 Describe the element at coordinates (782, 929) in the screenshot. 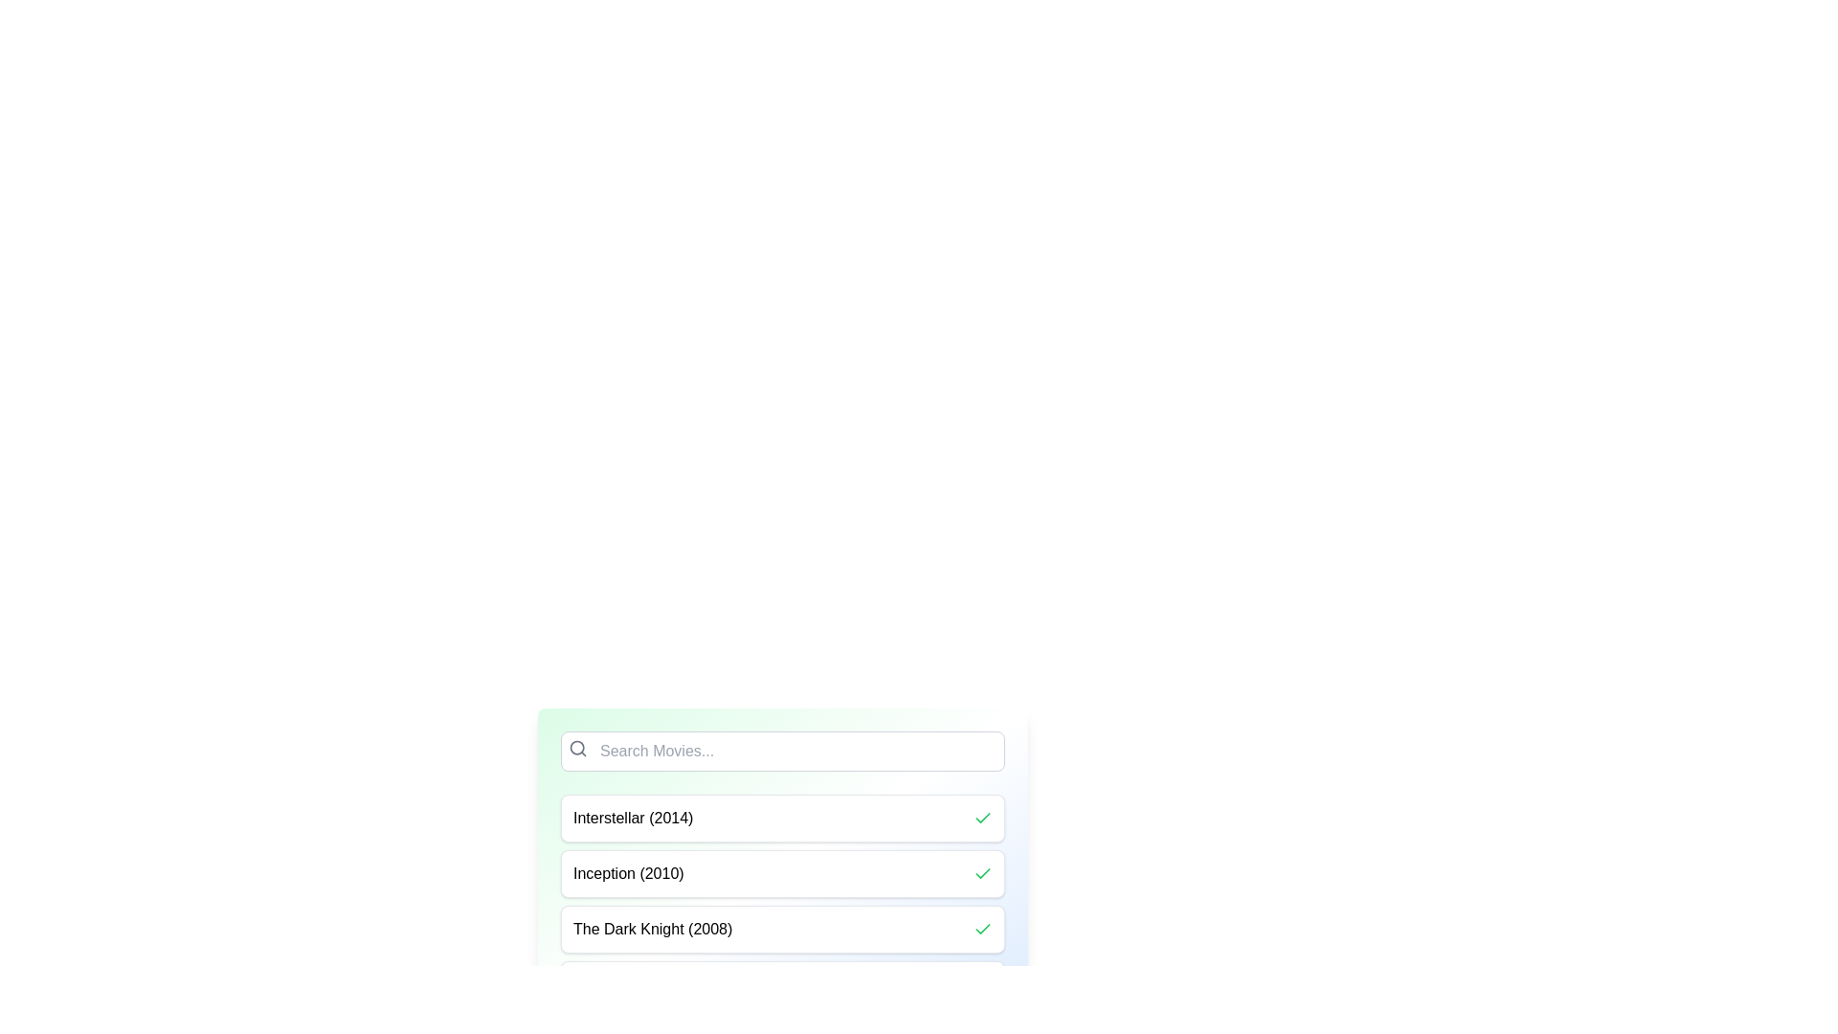

I see `the third entry in the selectable movie list representing 'The Dark Knight (2008)'` at that location.